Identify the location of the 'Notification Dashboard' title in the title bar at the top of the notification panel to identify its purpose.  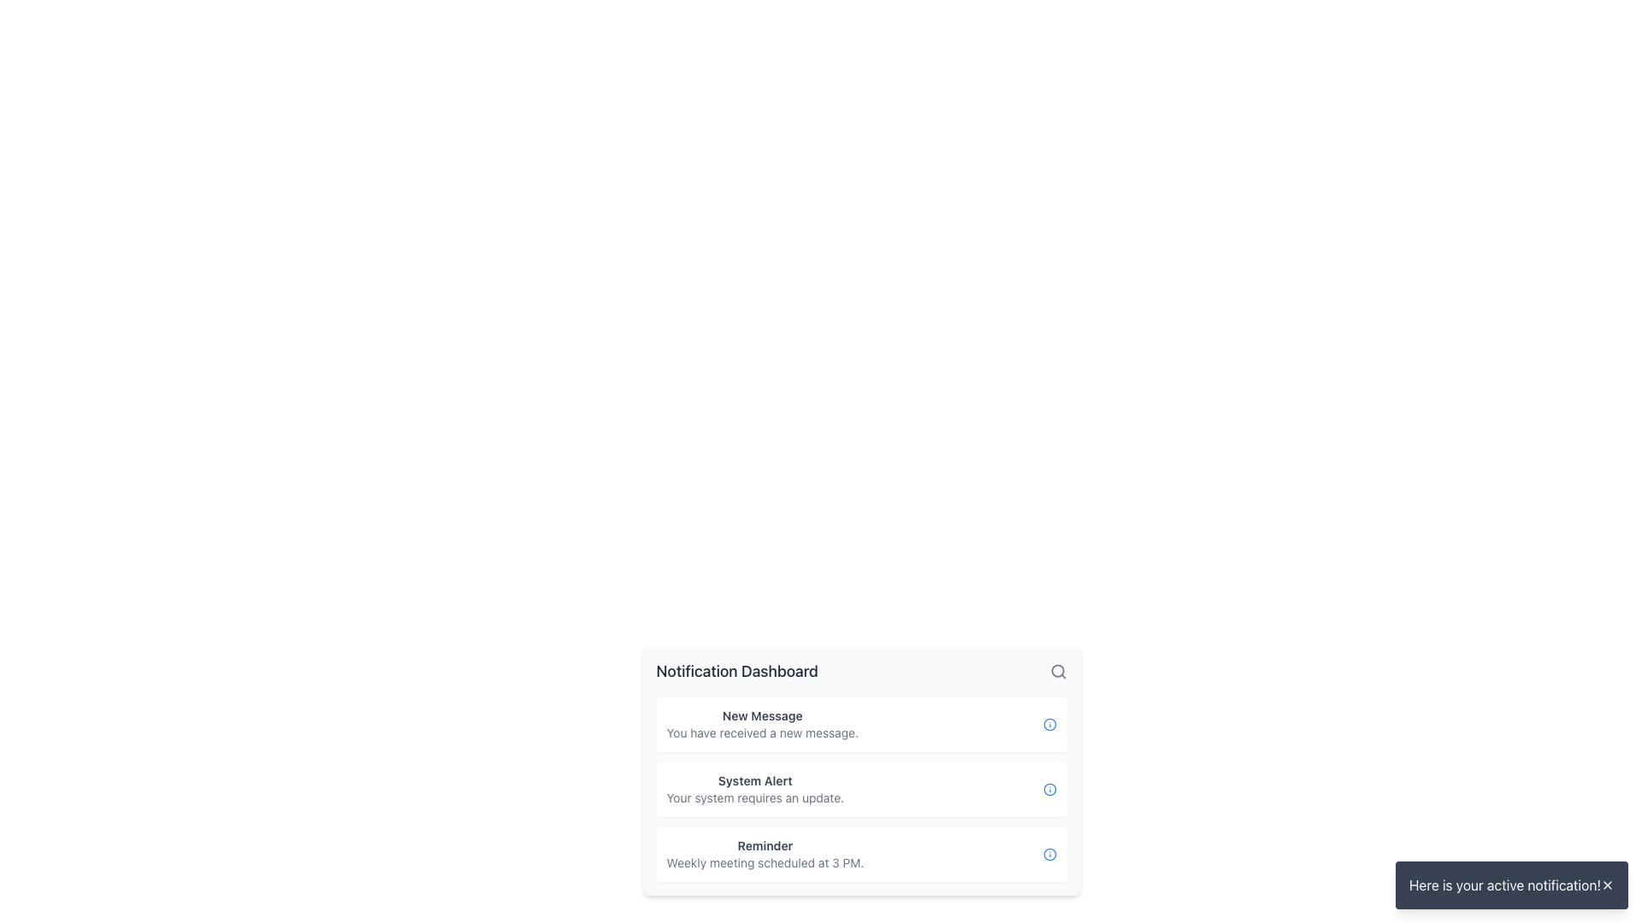
(861, 671).